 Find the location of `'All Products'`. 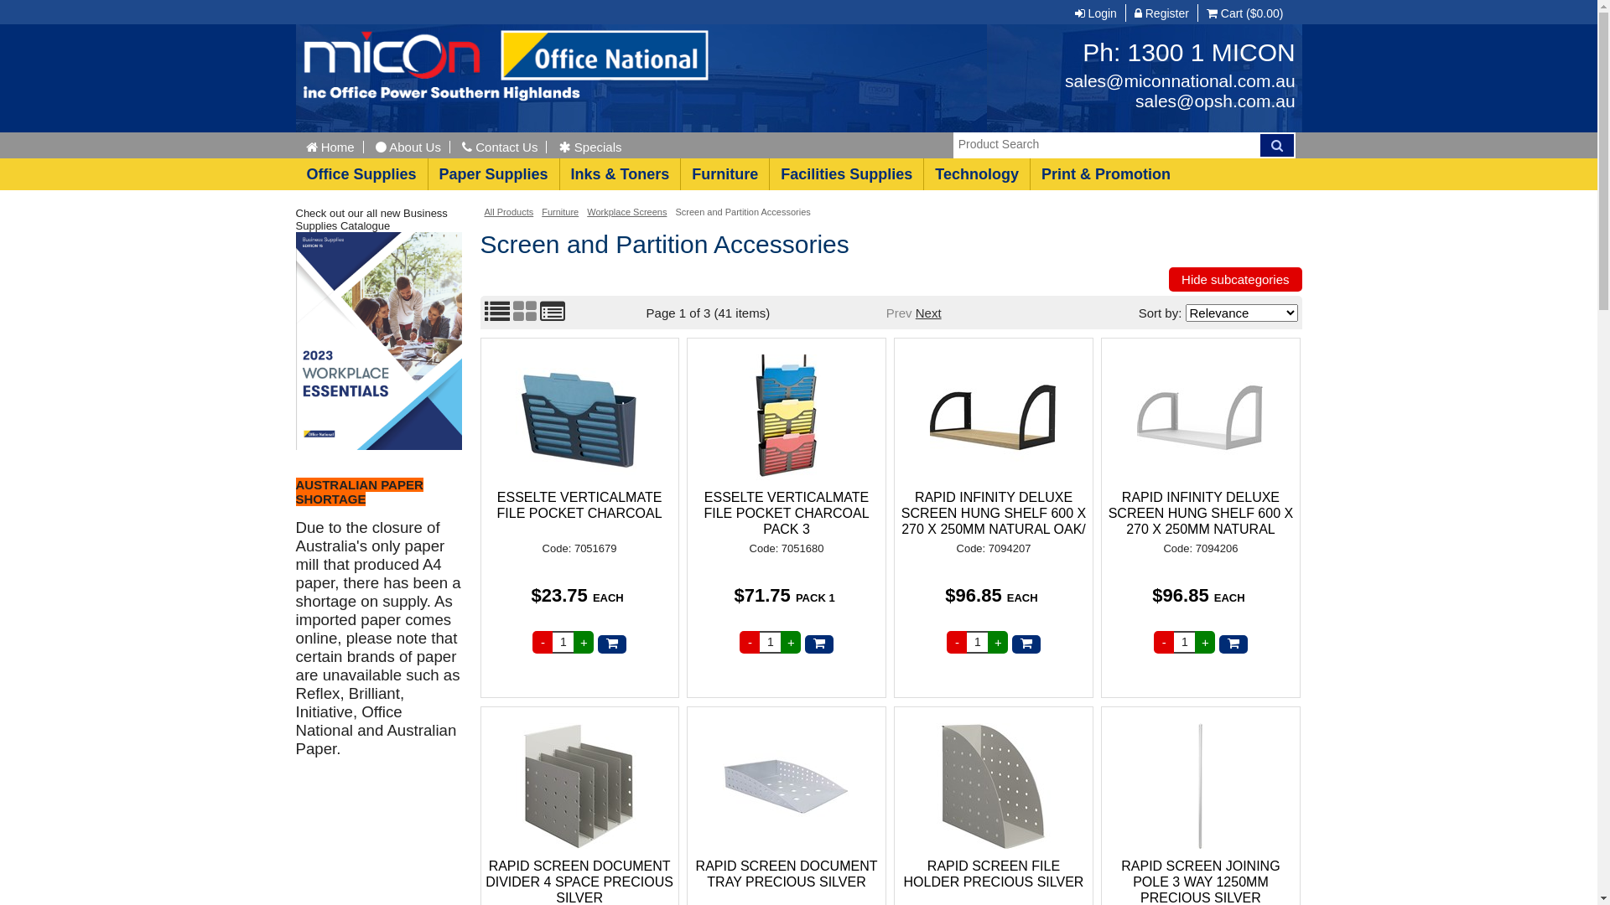

'All Products' is located at coordinates (508, 211).